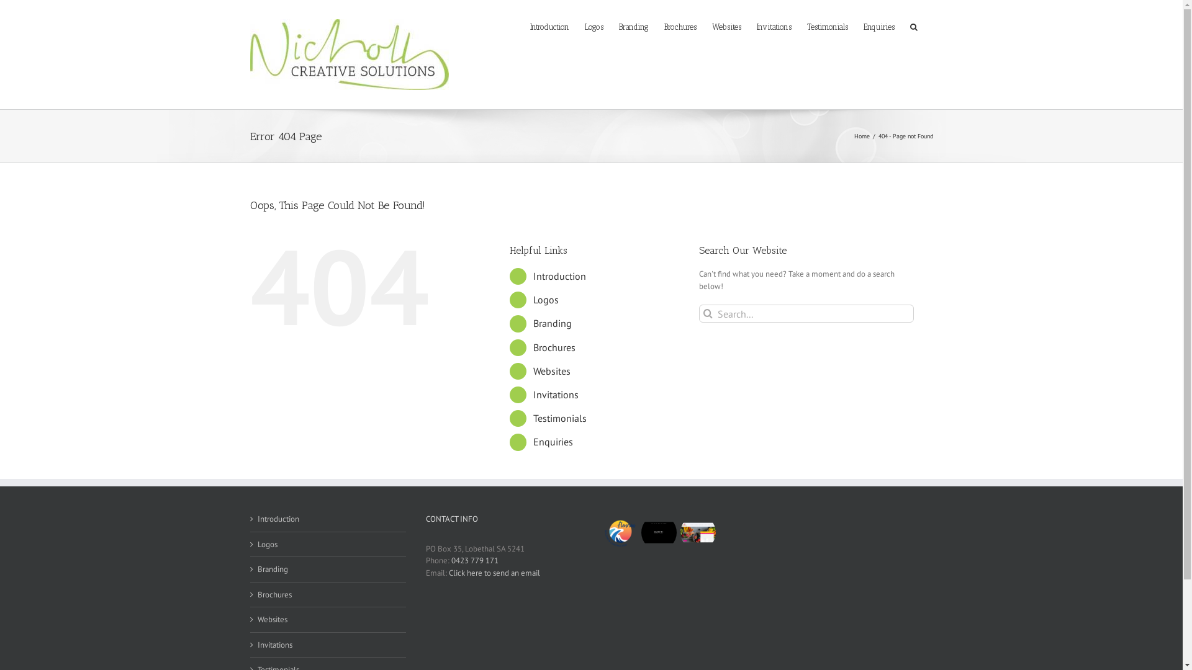  Describe the element at coordinates (620, 532) in the screenshot. I see `'Fleurieu Building & Construction'` at that location.